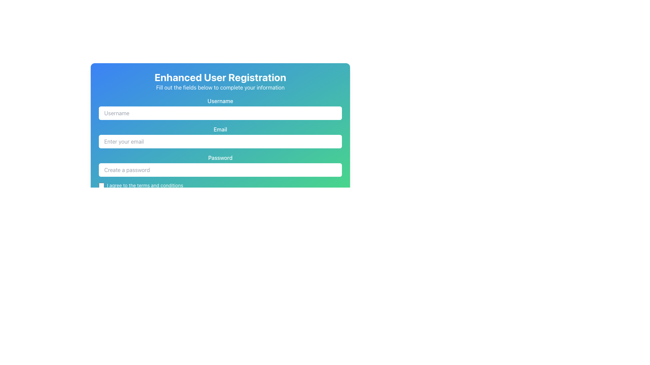  What do you see at coordinates (220, 137) in the screenshot?
I see `the text input field for 'Email', which is styled as a rounded rectangle with a white background and has a bold label above it. This field is the second input within the form layout, positioned below the 'Username' field` at bounding box center [220, 137].